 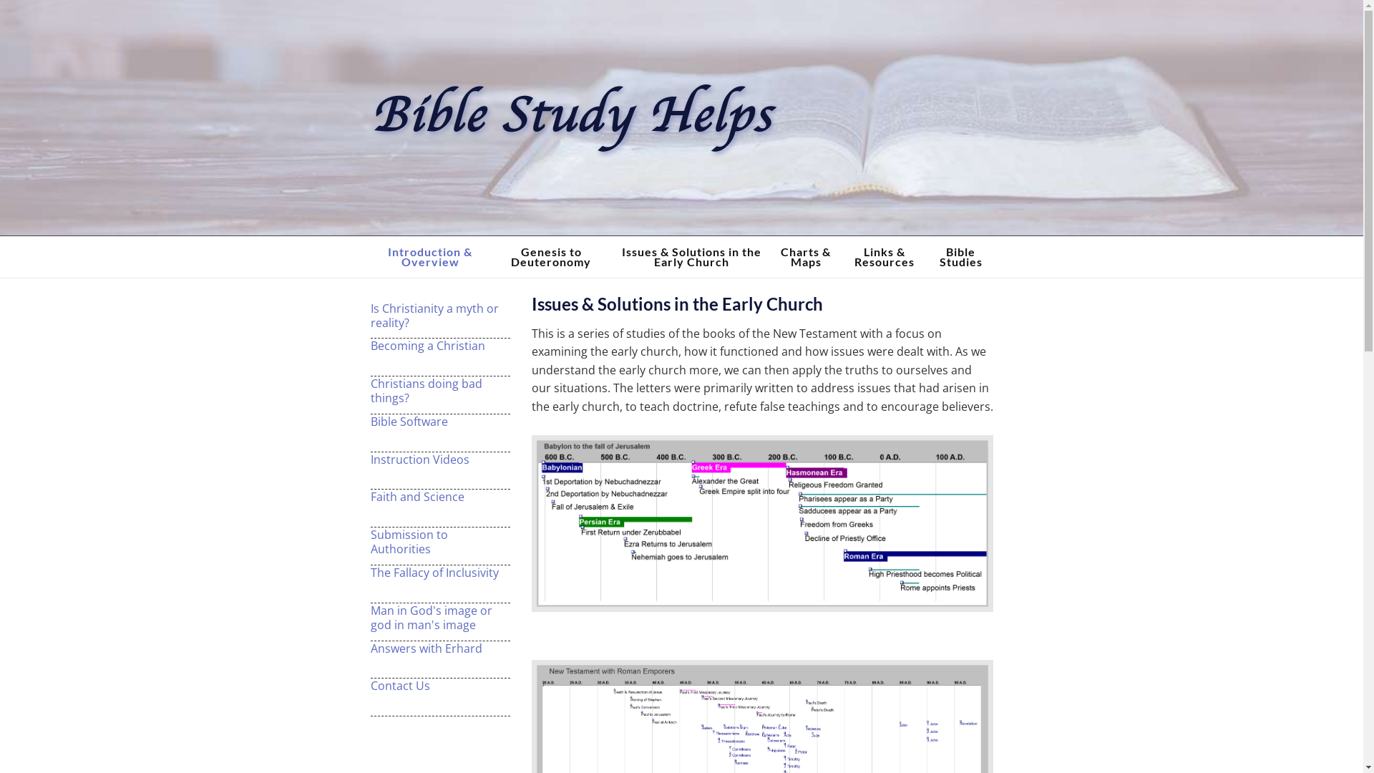 What do you see at coordinates (439, 313) in the screenshot?
I see `'Is Christianity a myth or reality?'` at bounding box center [439, 313].